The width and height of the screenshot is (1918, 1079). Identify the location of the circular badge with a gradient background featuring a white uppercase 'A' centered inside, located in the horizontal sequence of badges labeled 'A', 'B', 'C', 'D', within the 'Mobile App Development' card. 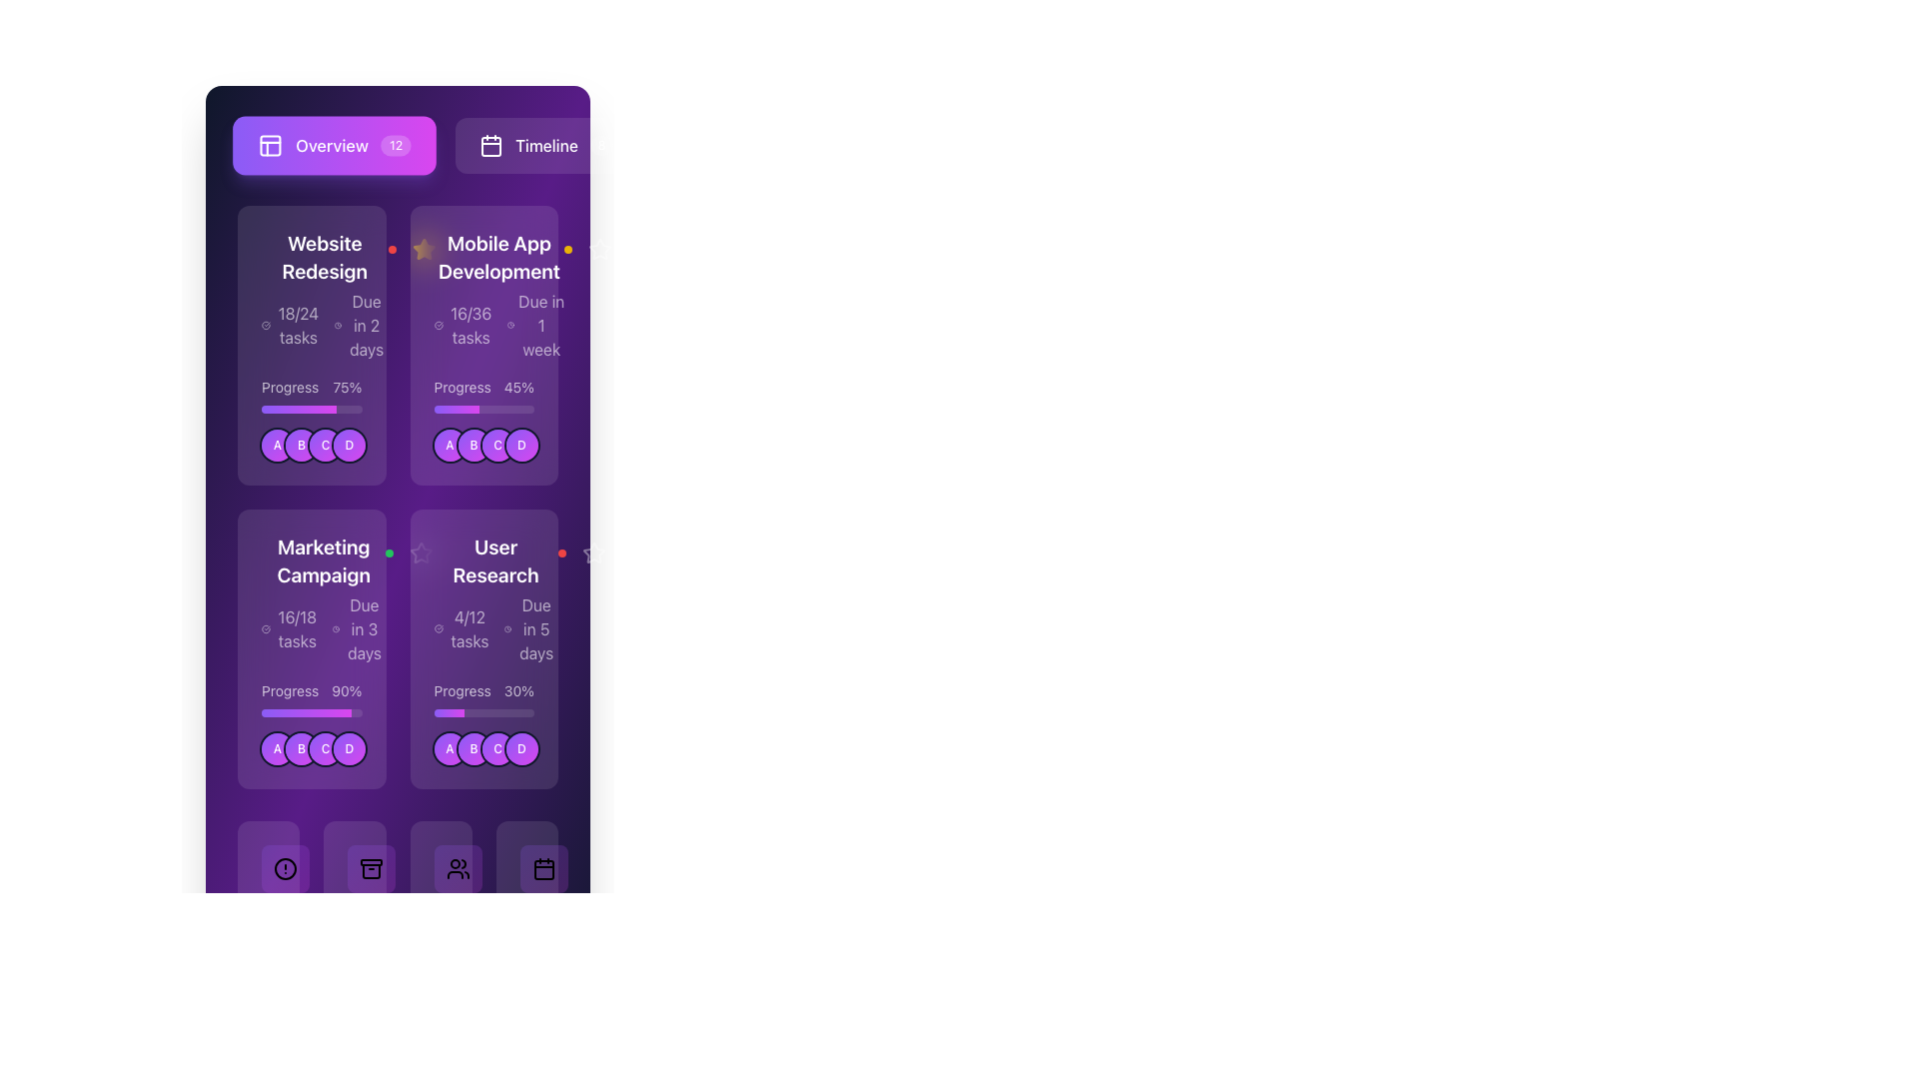
(449, 445).